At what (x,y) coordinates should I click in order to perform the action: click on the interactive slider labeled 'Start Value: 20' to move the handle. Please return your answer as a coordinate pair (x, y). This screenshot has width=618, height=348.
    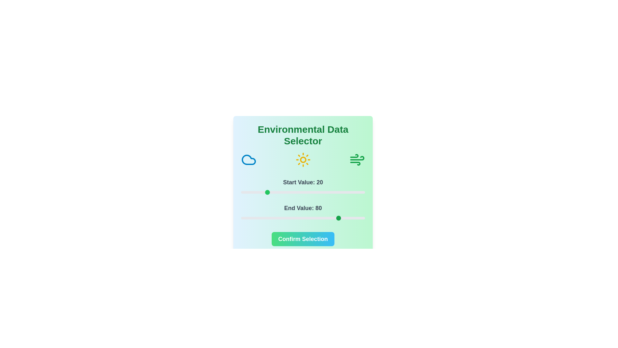
    Looking at the image, I should click on (303, 187).